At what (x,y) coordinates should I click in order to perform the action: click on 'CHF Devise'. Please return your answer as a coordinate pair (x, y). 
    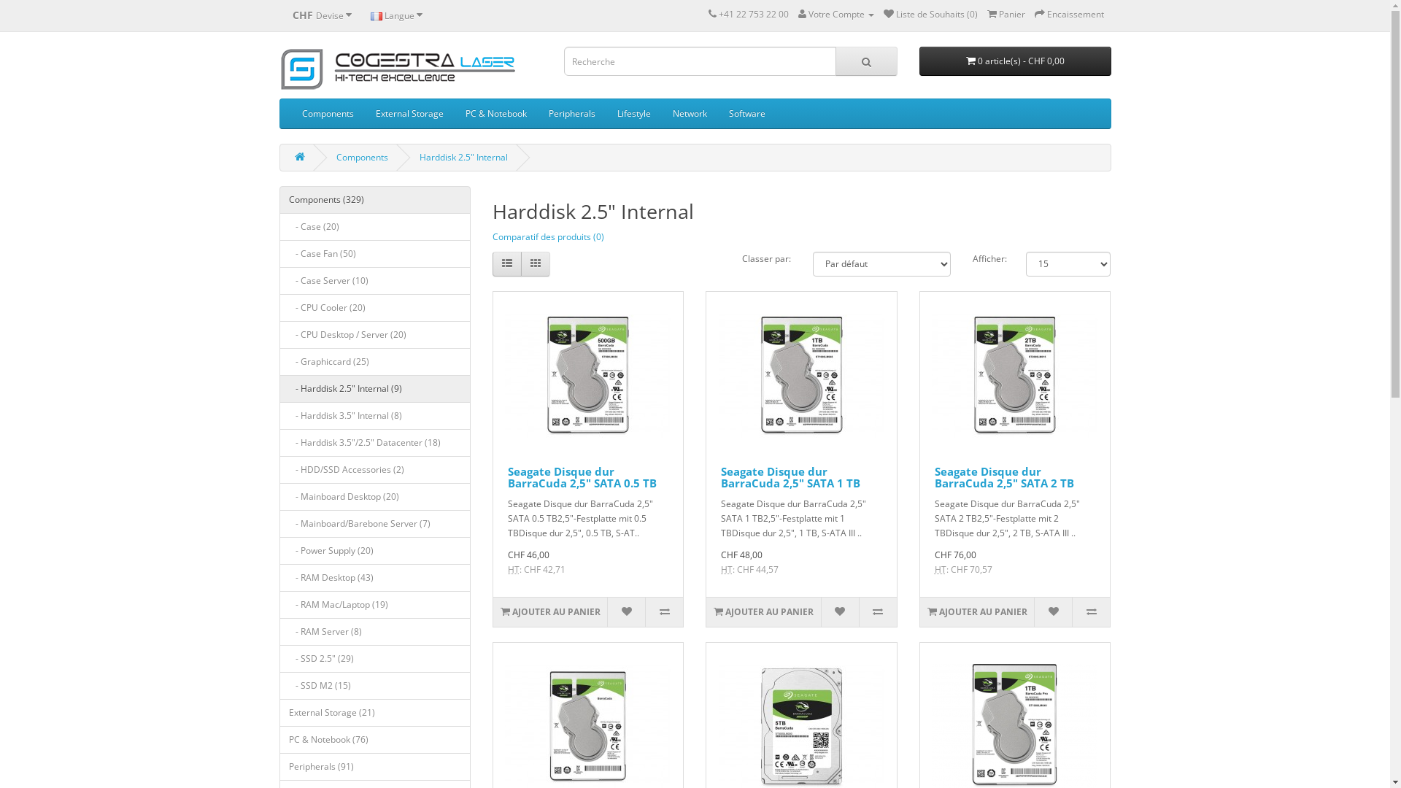
    Looking at the image, I should click on (321, 15).